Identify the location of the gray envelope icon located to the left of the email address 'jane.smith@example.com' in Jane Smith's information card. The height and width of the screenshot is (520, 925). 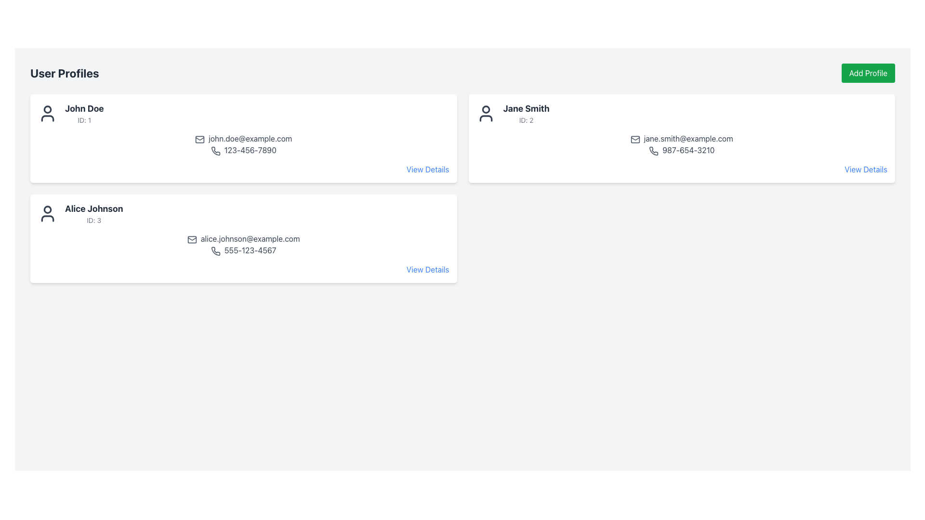
(635, 139).